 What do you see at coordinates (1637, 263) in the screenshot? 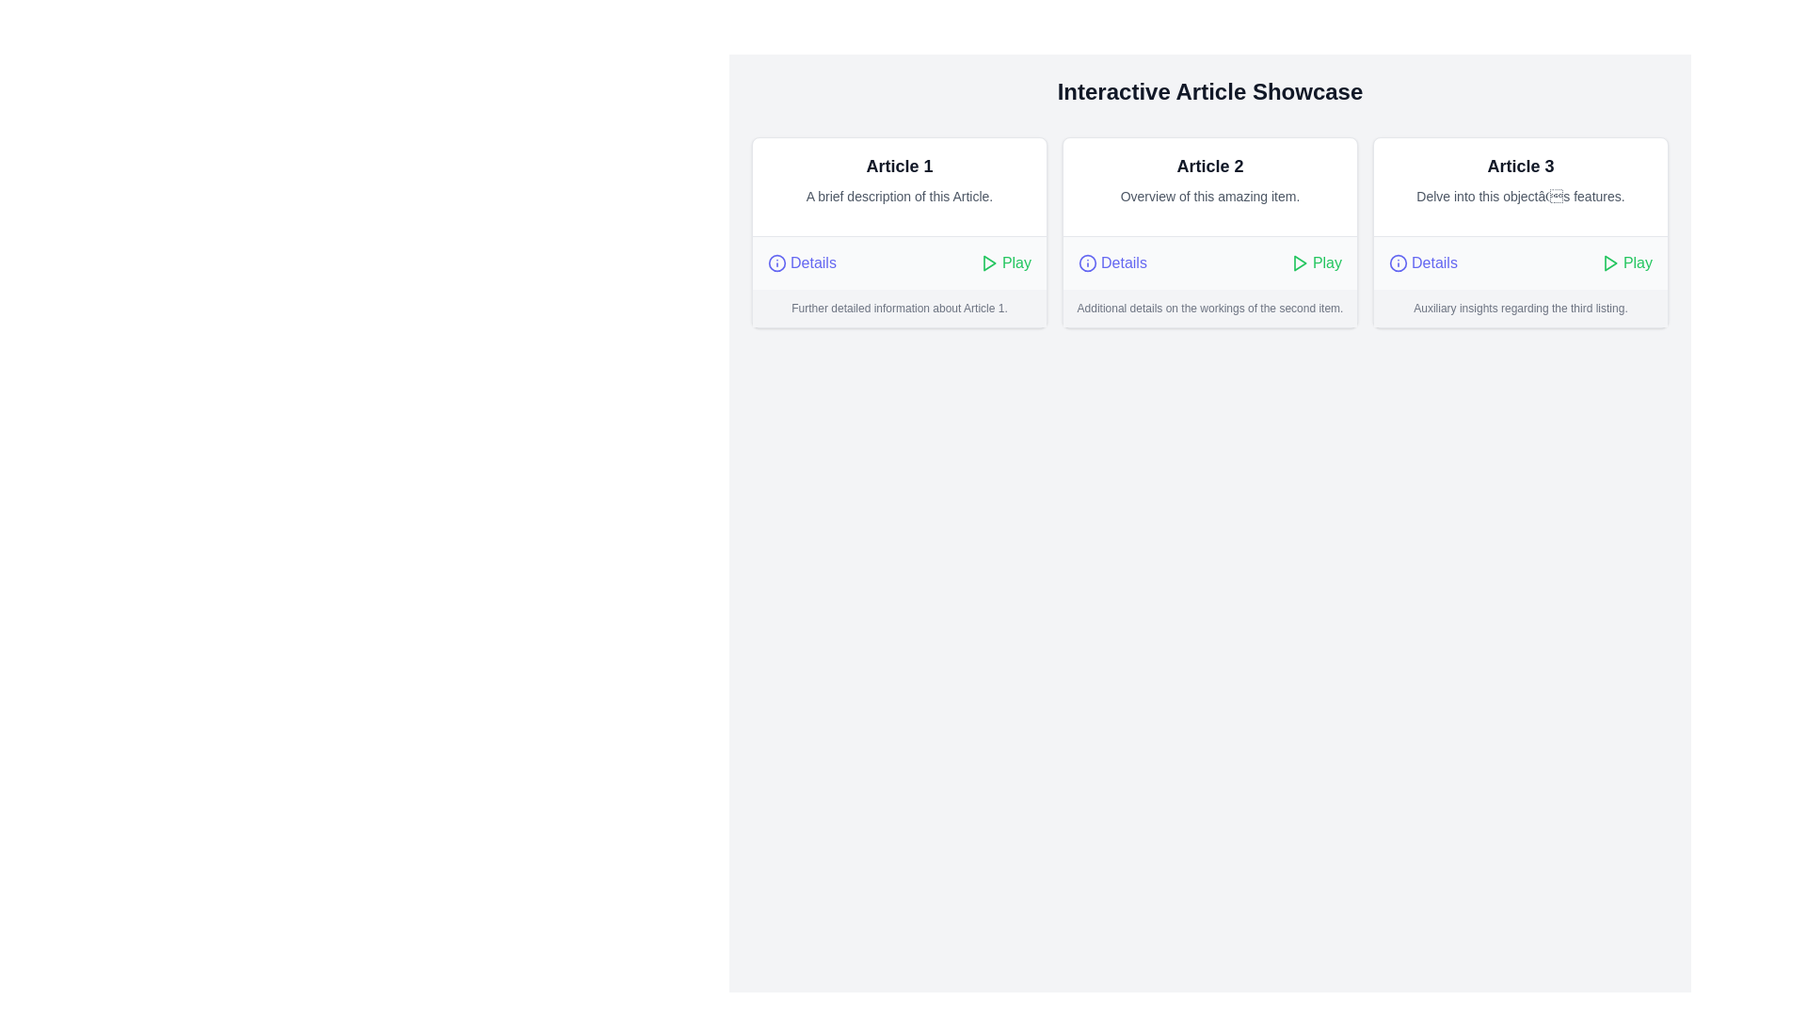
I see `the play functionality text label located in the bottom right corner of the 'Article 3' section` at bounding box center [1637, 263].